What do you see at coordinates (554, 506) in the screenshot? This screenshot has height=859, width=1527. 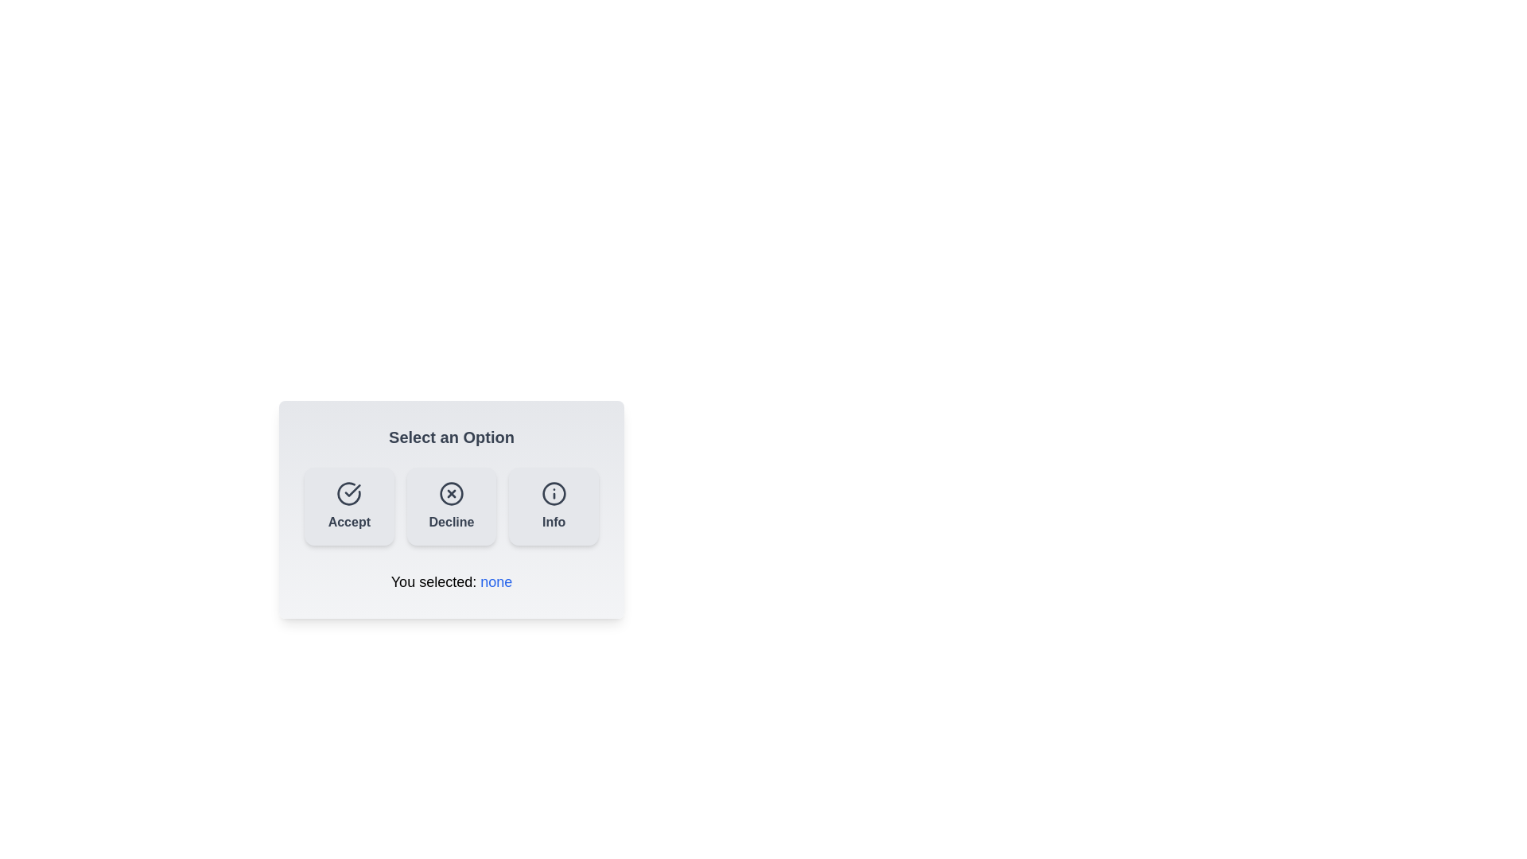 I see `the Info button to update the displayed text` at bounding box center [554, 506].